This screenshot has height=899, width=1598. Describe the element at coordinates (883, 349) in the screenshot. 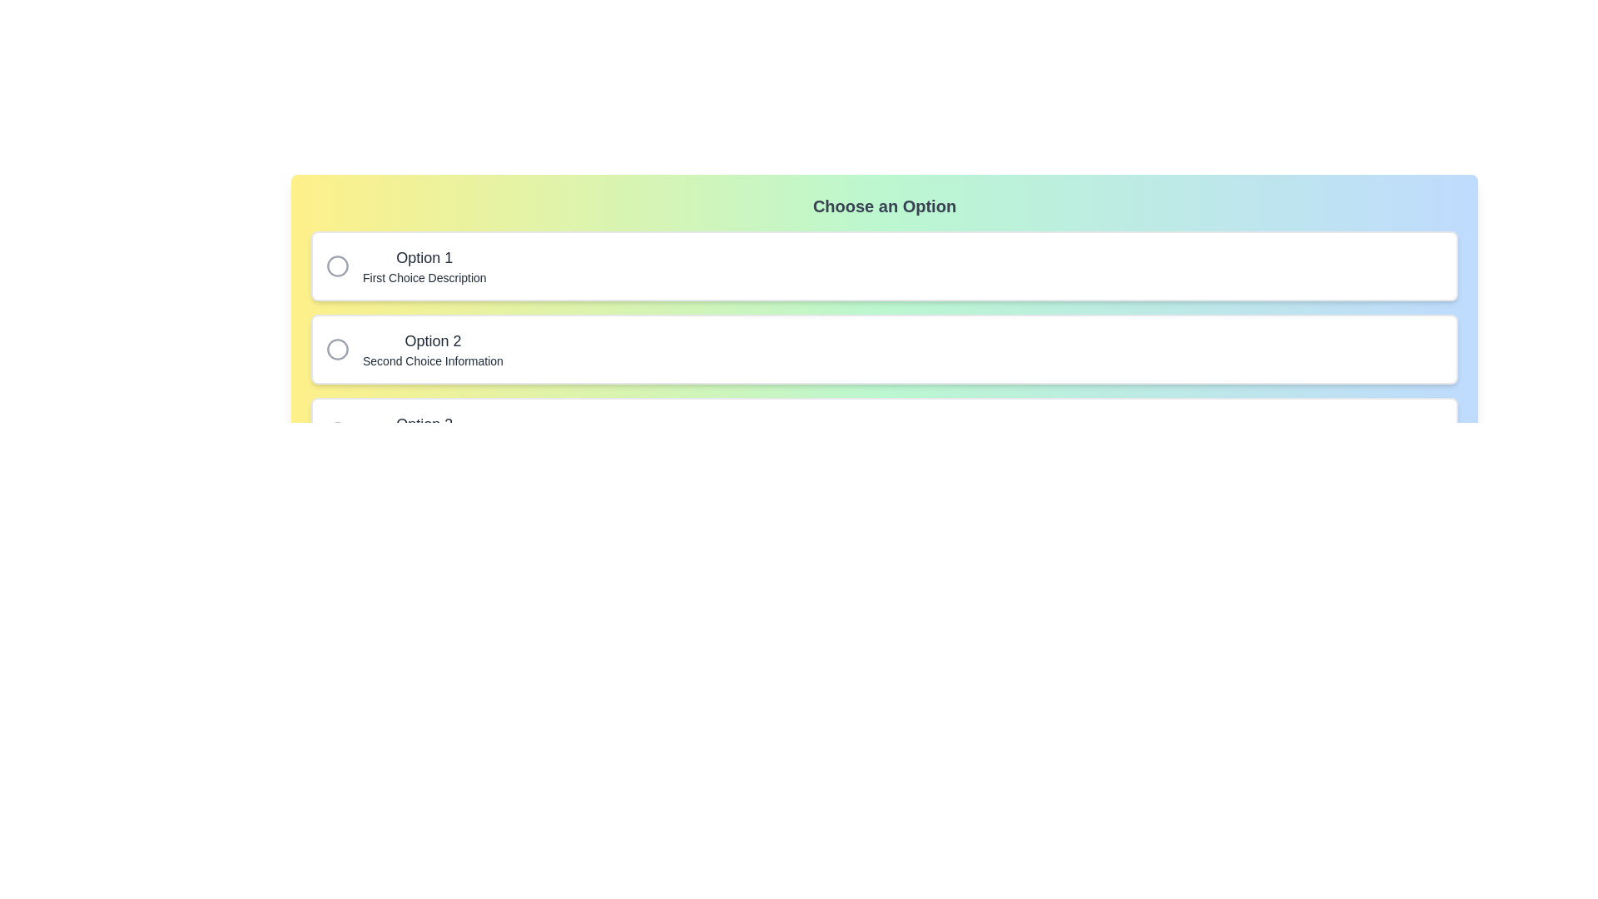

I see `the 'Option 2' radio button` at that location.